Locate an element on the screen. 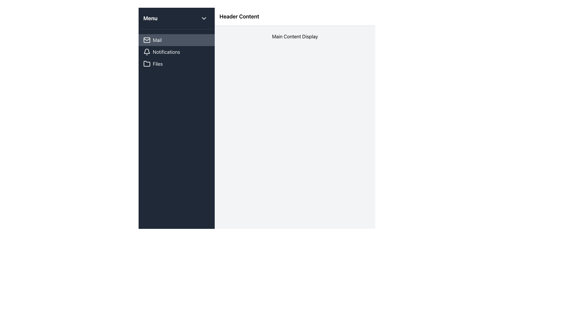 This screenshot has height=321, width=571. the 'Mail' navigation button in the vertical sidebar menu is located at coordinates (176, 40).